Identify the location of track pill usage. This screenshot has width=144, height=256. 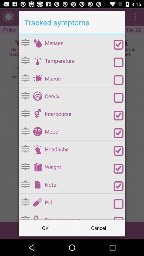
(118, 204).